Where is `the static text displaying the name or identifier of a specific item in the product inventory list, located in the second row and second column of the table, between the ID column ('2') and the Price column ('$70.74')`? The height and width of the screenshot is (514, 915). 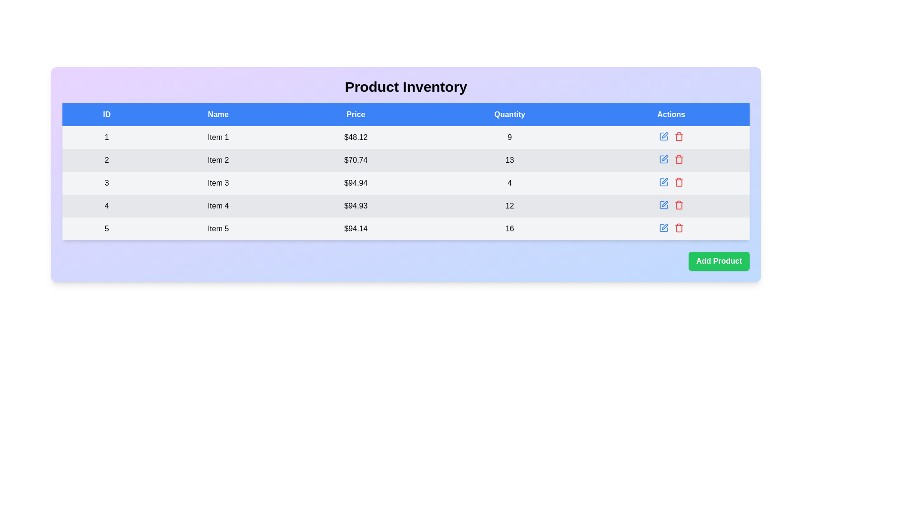
the static text displaying the name or identifier of a specific item in the product inventory list, located in the second row and second column of the table, between the ID column ('2') and the Price column ('$70.74') is located at coordinates (218, 159).